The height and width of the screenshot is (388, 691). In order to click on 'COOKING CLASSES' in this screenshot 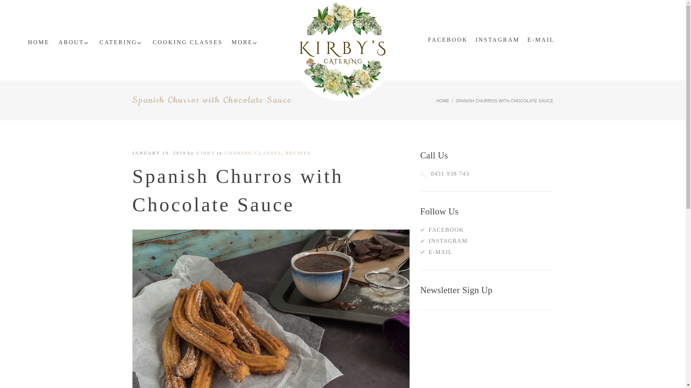, I will do `click(188, 42)`.